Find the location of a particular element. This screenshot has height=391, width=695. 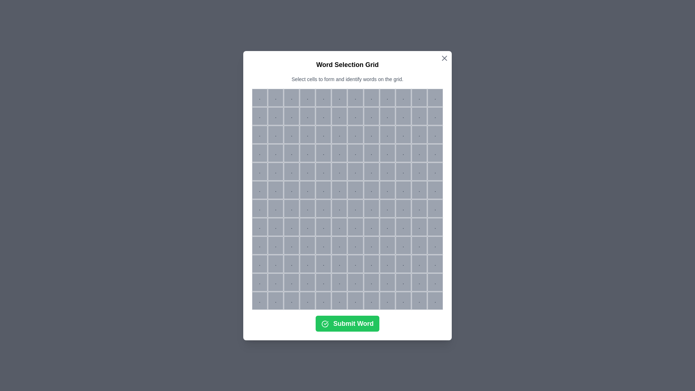

the close button located at the top-right corner of the dialog is located at coordinates (444, 58).